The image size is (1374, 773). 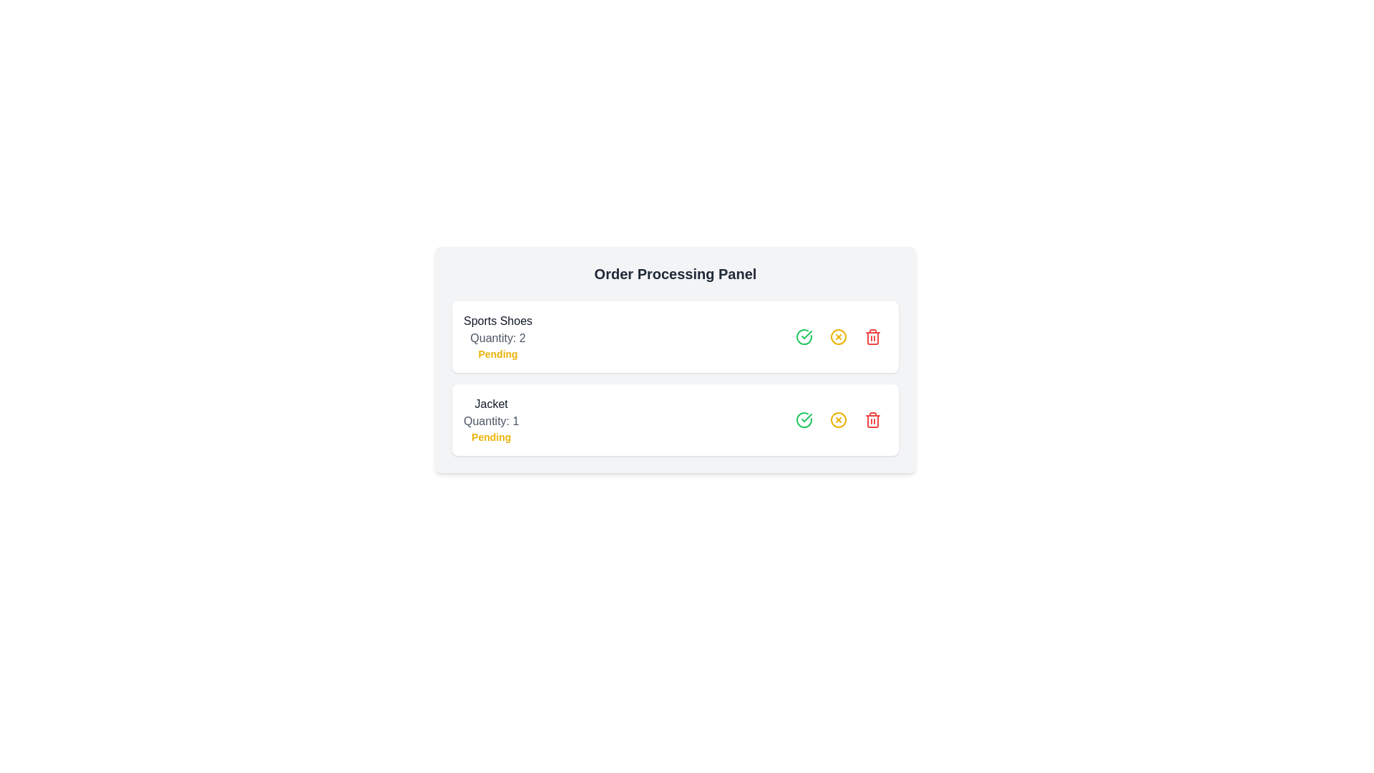 I want to click on the deletion icon button for the item 'Jacket' located in the Order Processing Panel, so click(x=872, y=419).